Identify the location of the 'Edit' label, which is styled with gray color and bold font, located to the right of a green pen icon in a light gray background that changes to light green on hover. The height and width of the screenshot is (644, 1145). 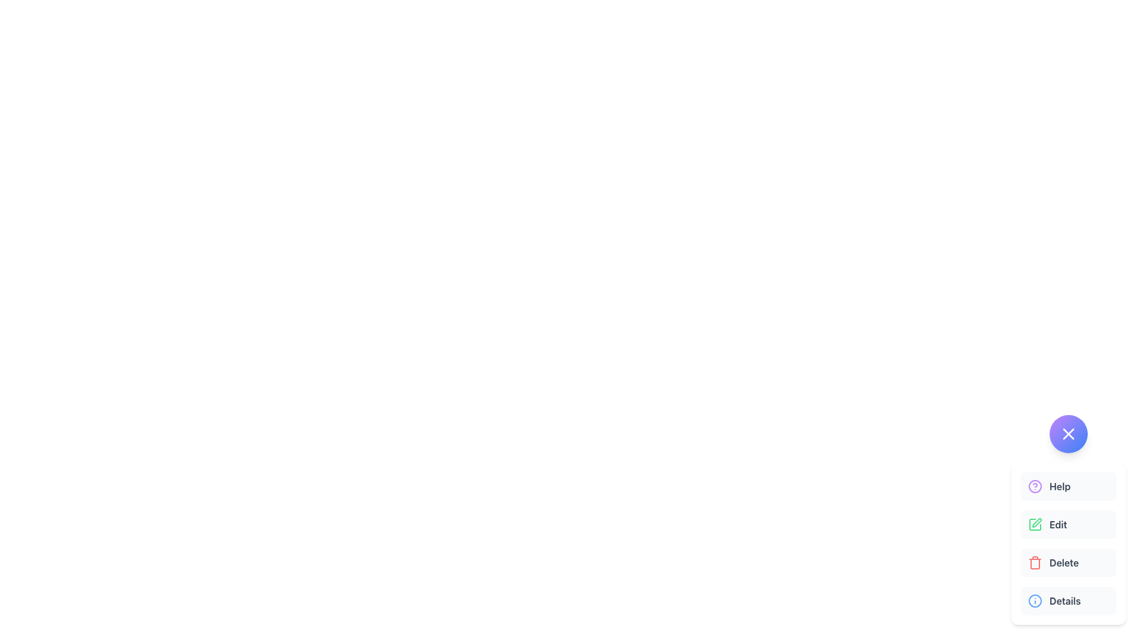
(1058, 524).